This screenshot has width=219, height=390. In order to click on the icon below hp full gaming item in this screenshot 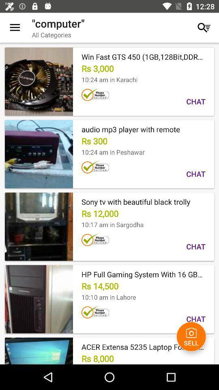, I will do `click(191, 336)`.